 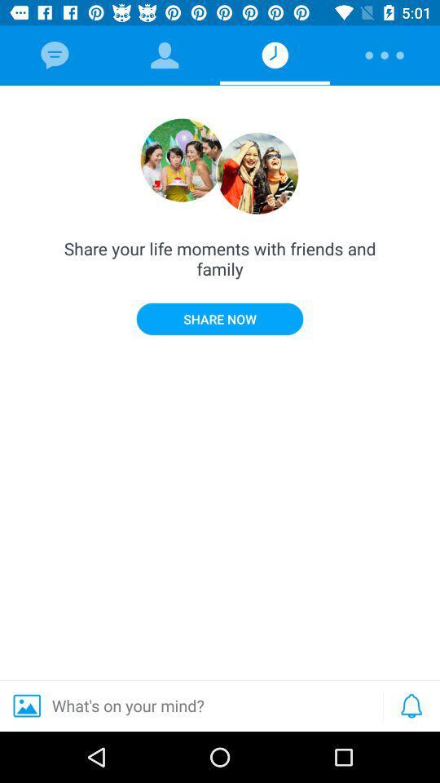 I want to click on the item below share your life item, so click(x=411, y=705).